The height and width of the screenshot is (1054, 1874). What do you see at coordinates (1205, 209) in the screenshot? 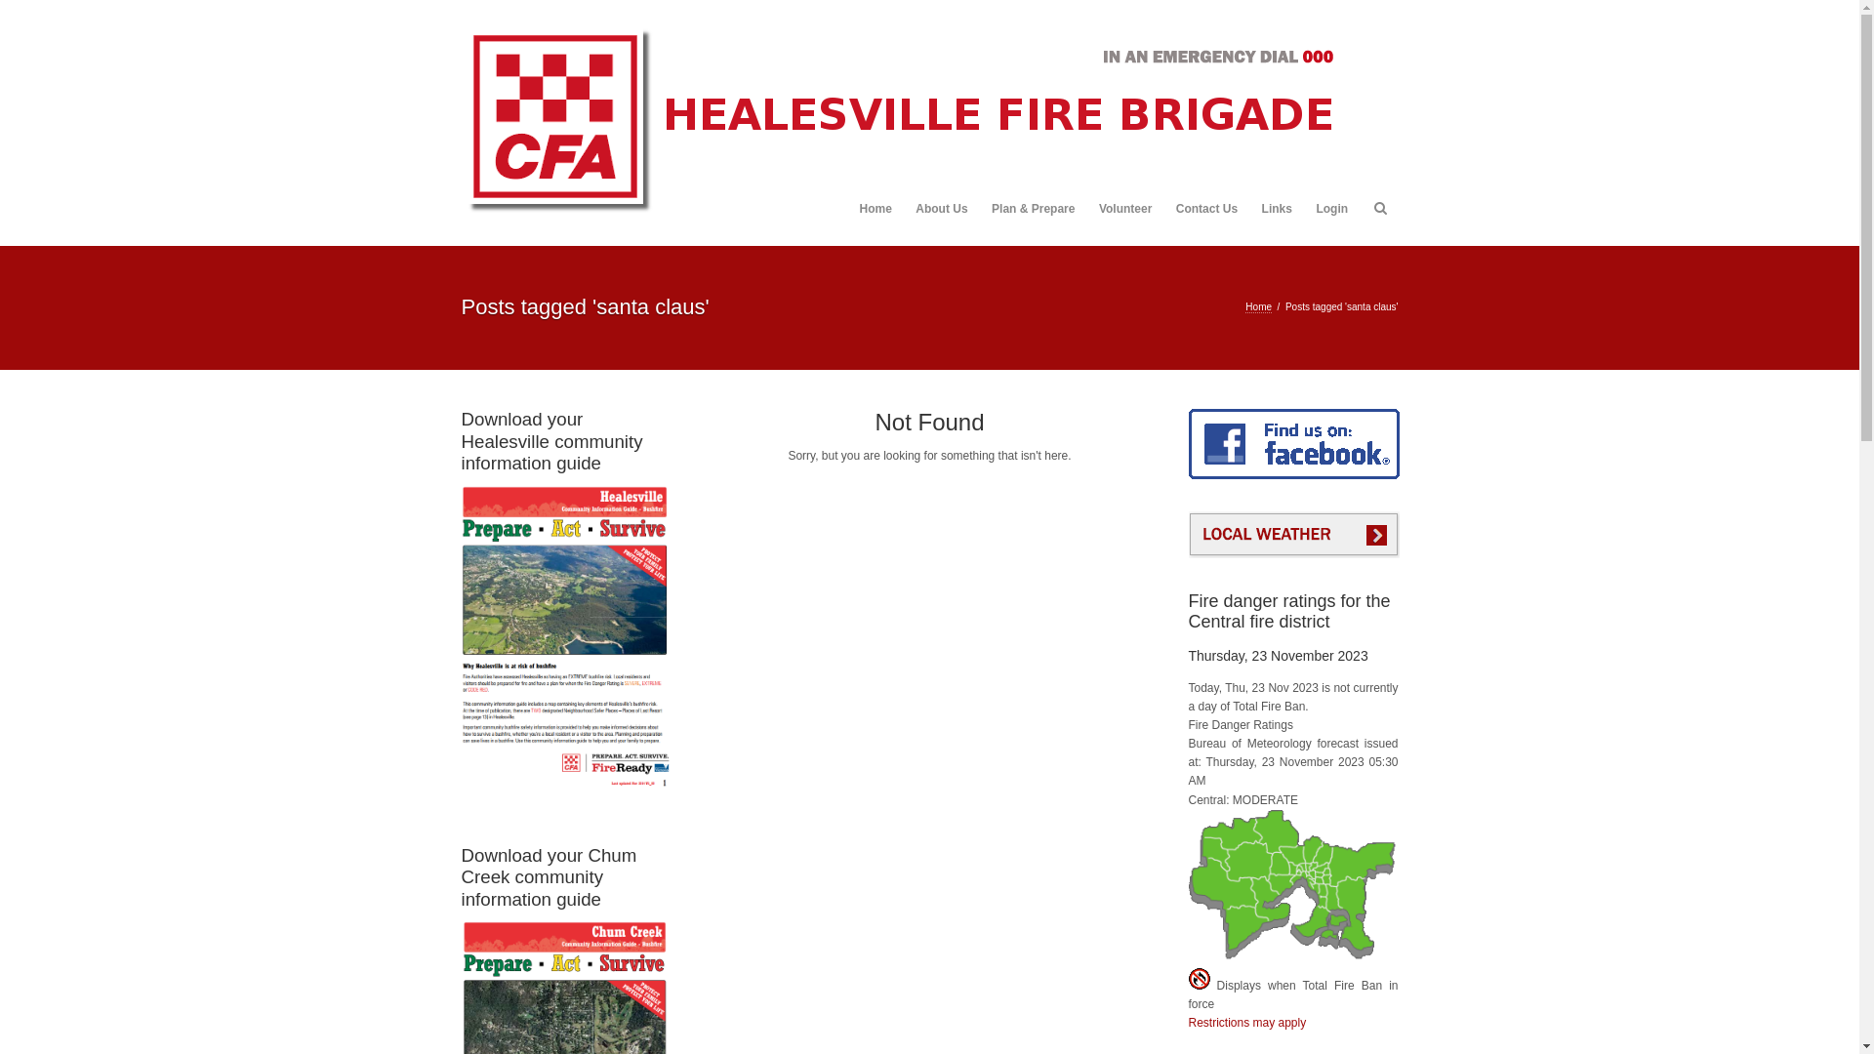
I see `'Contact Us'` at bounding box center [1205, 209].